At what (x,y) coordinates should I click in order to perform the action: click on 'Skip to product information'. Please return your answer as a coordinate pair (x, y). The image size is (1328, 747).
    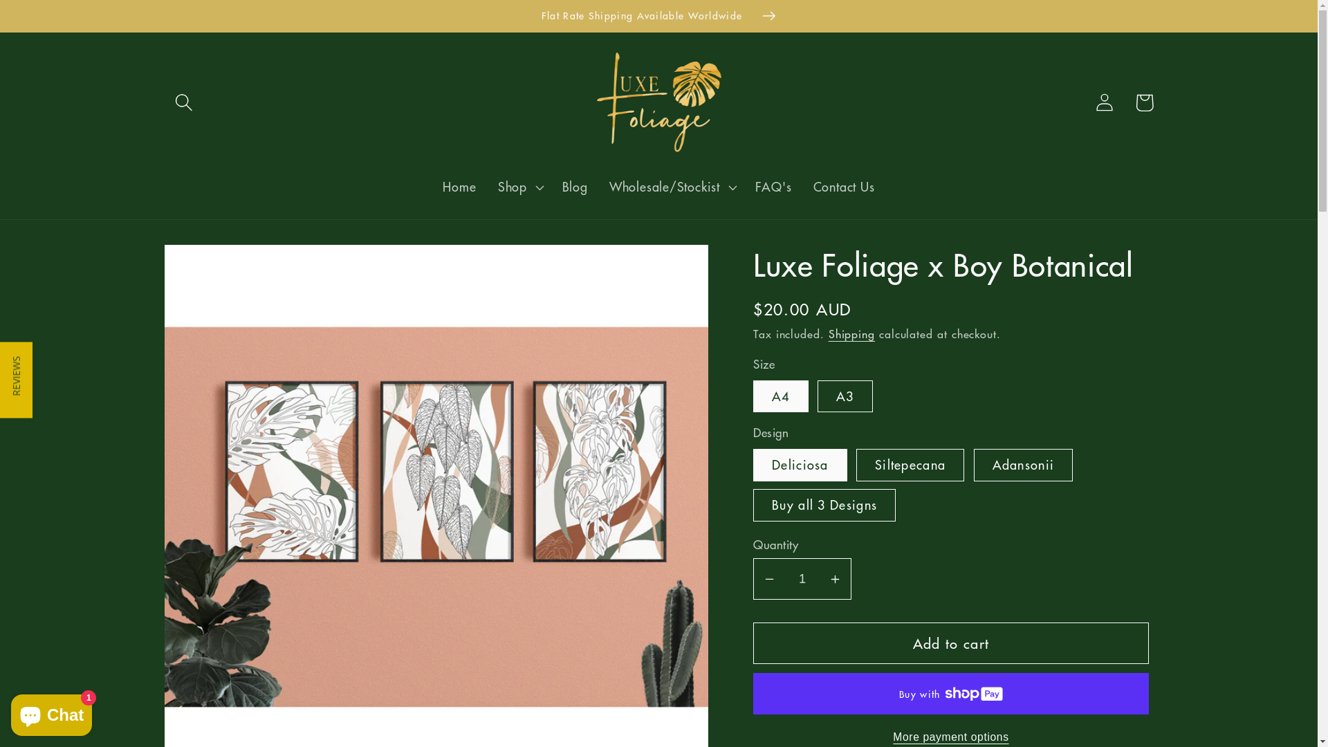
    Looking at the image, I should click on (217, 265).